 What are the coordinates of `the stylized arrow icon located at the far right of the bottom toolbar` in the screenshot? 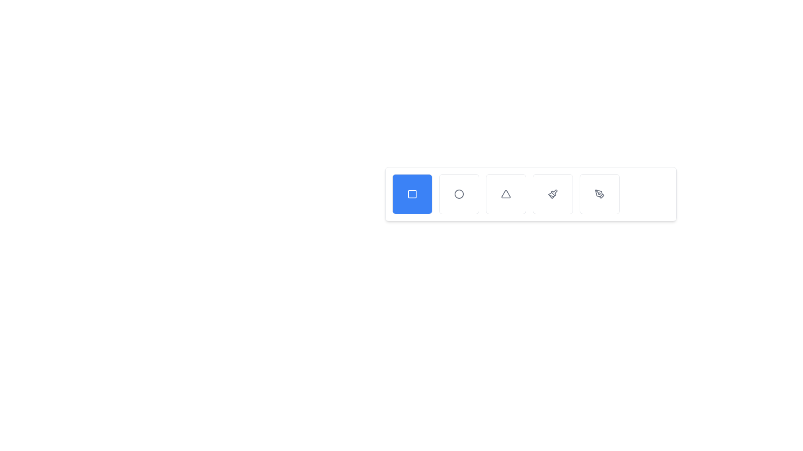 It's located at (601, 196).